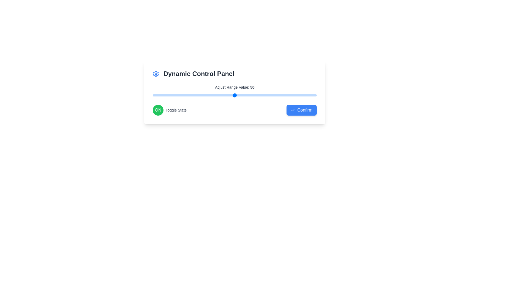 The image size is (518, 291). Describe the element at coordinates (190, 95) in the screenshot. I see `the slider value` at that location.